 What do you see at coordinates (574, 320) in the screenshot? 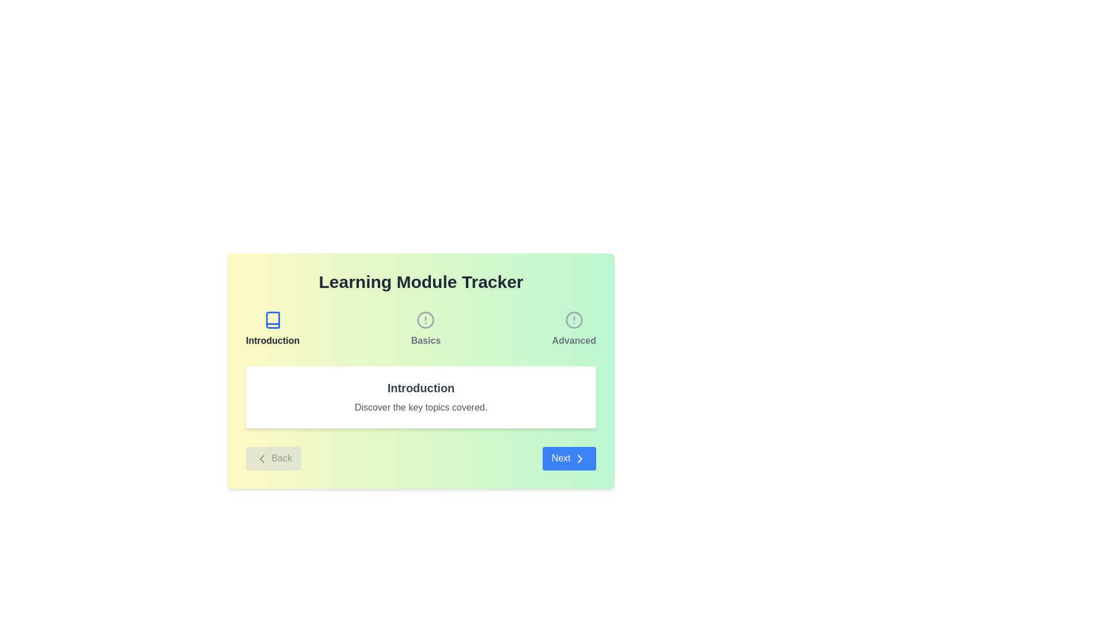
I see `the circular graphic element within the 'Advanced' icon in the Learning Module Tracker interface` at bounding box center [574, 320].